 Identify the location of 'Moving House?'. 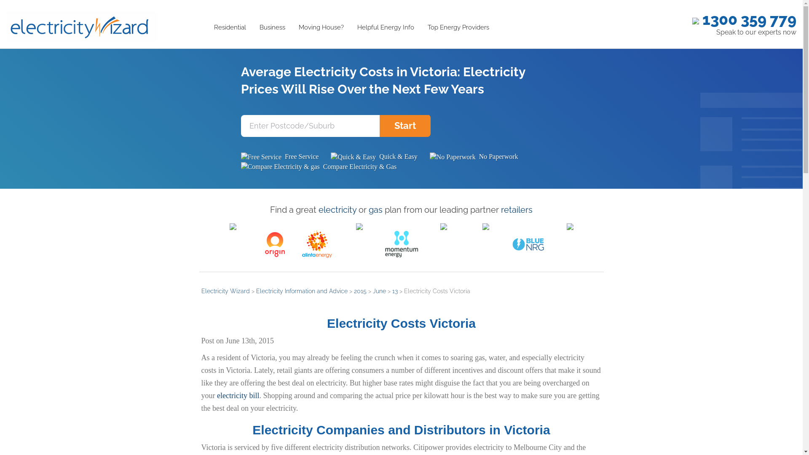
(321, 27).